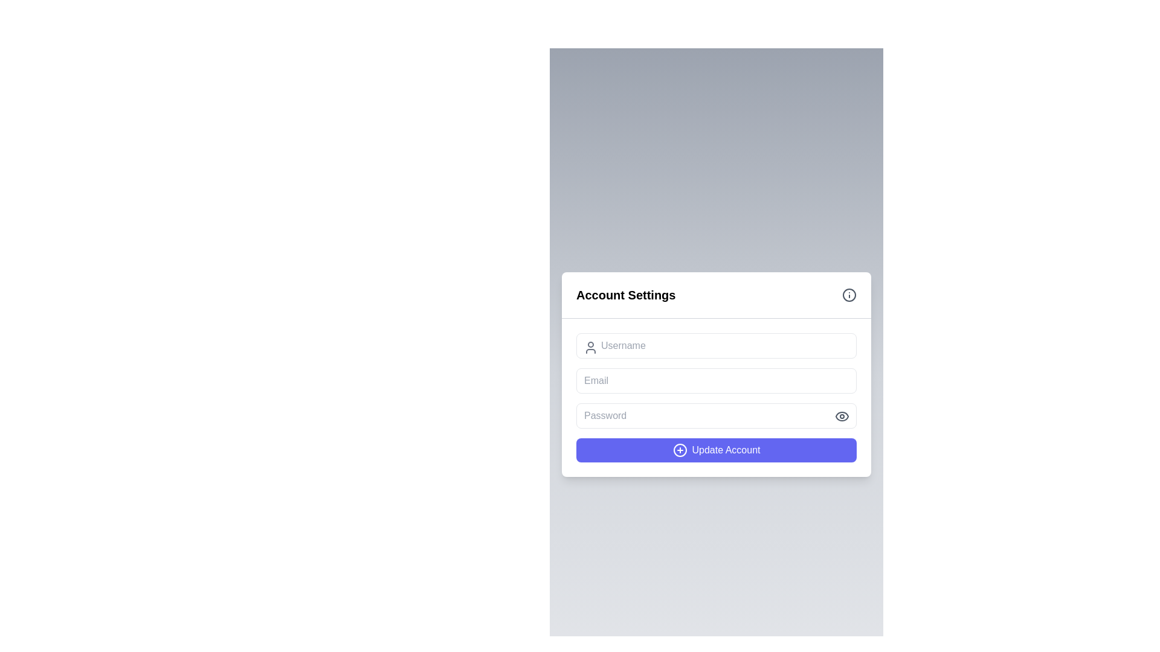 This screenshot has width=1160, height=652. Describe the element at coordinates (725, 449) in the screenshot. I see `label 'Update Account' on the blue button located in the 'Account Settings' section` at that location.